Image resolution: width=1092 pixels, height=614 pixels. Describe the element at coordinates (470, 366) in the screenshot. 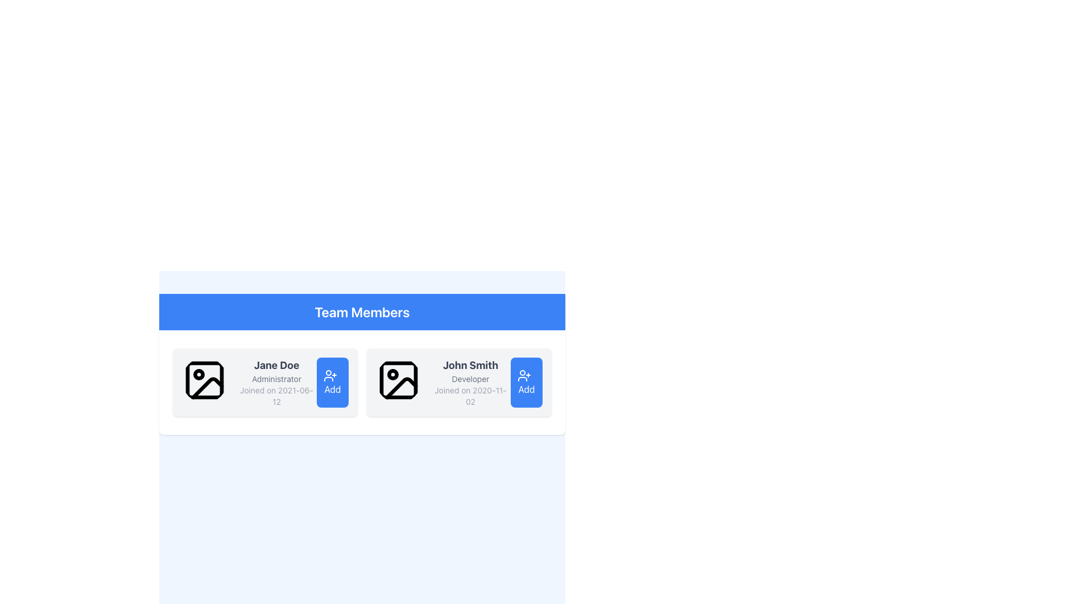

I see `the text label displaying 'John Smith', which is bold and dark gray, located in the second column of the team member information cards under the 'Team Members' heading` at that location.